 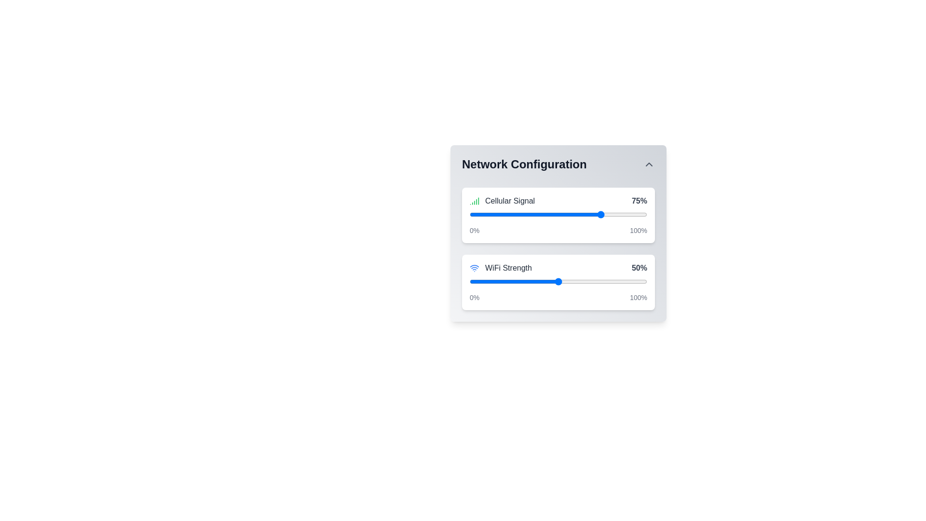 I want to click on the cellular signal strength, so click(x=581, y=214).